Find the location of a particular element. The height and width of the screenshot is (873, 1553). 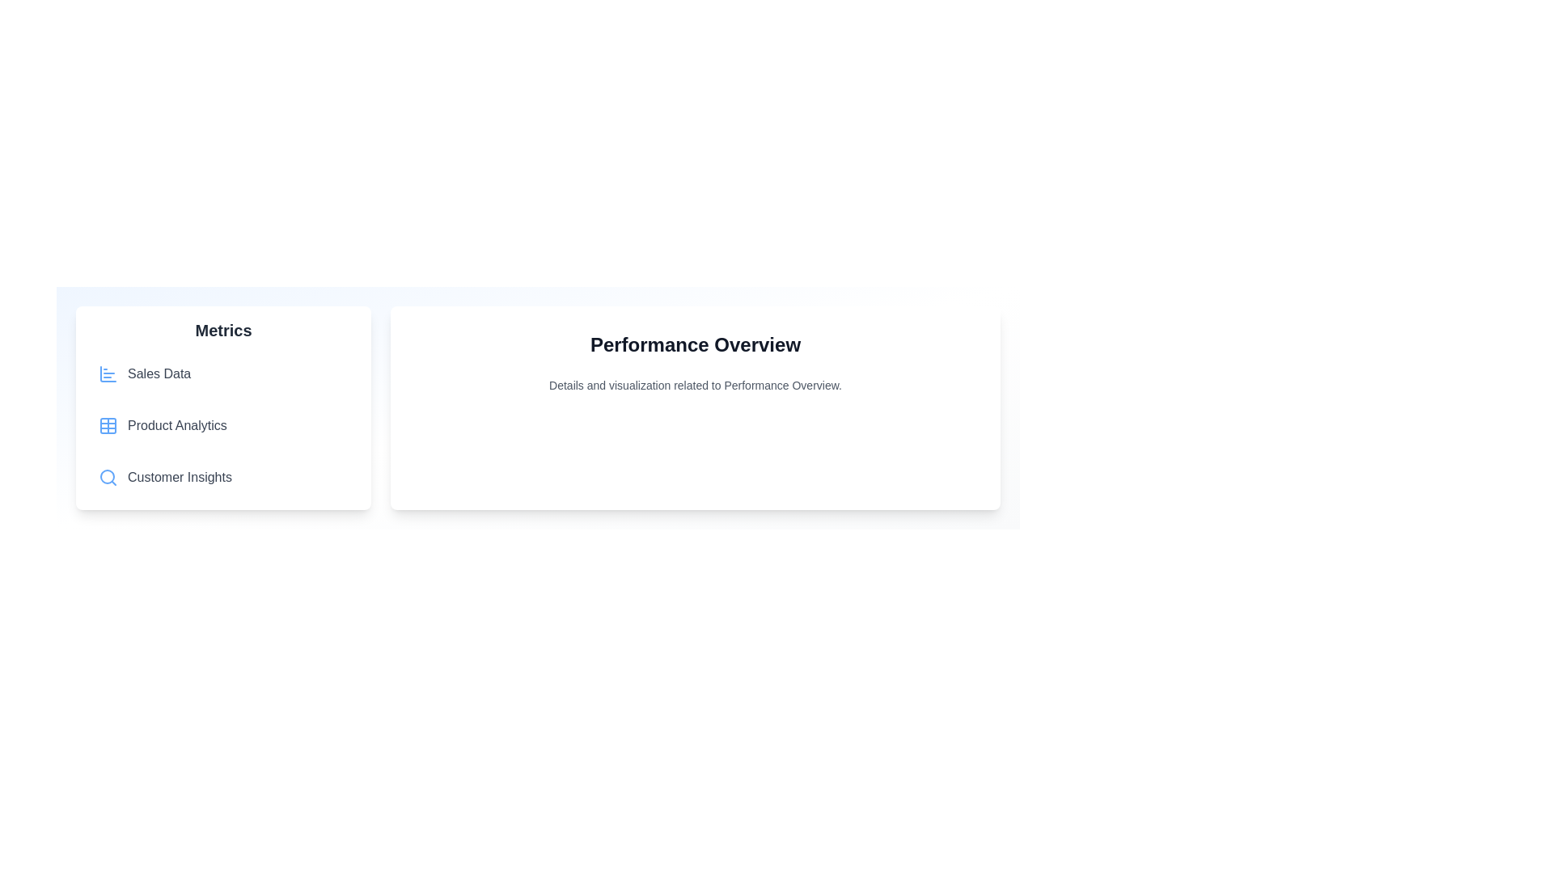

the search icon located to the left of the 'Customer Insights' text in the 'Metrics' section, if it is interactive is located at coordinates (108, 476).